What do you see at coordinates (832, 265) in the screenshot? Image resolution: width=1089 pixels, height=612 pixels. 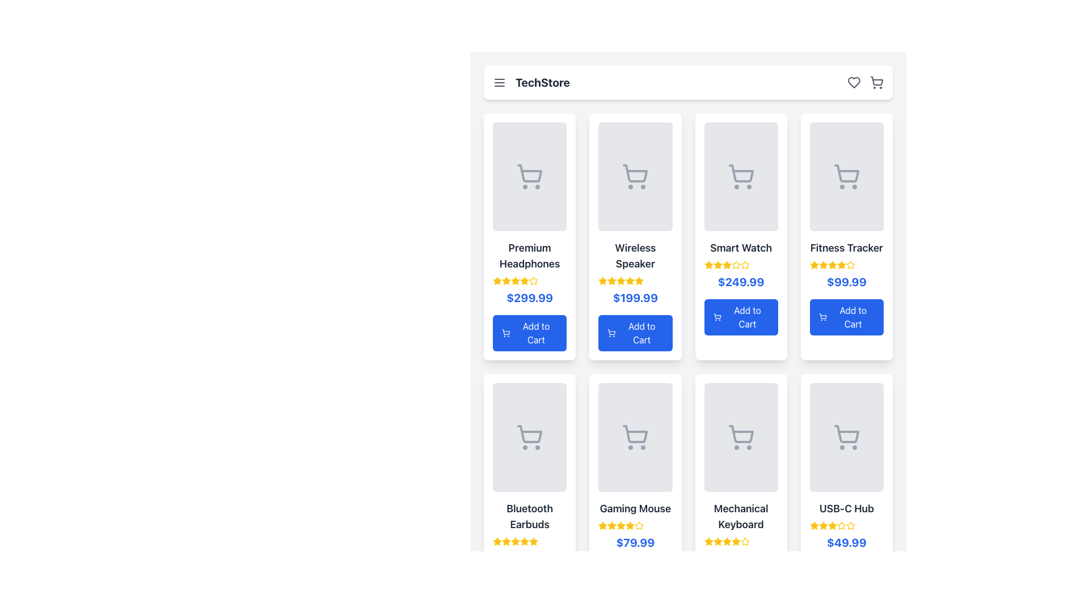 I see `the star icon representing one star in the rating system for the 'Fitness Tracker' product, located in the first row of the grid layout's third column` at bounding box center [832, 265].